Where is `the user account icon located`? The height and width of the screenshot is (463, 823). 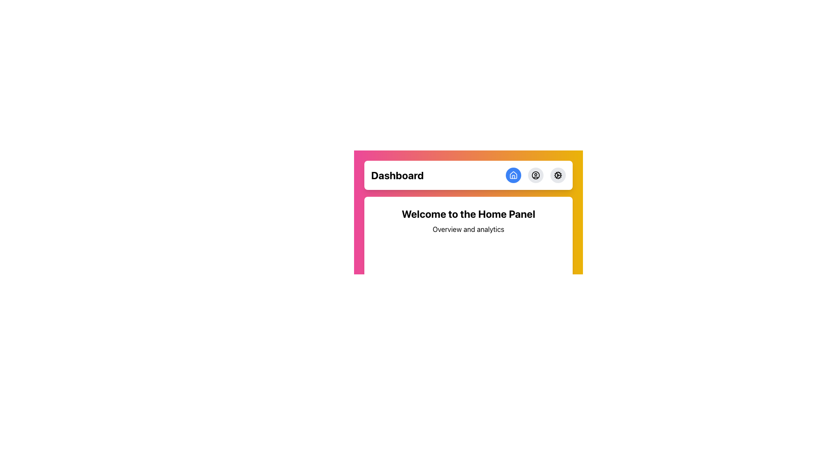 the user account icon located is located at coordinates (535, 174).